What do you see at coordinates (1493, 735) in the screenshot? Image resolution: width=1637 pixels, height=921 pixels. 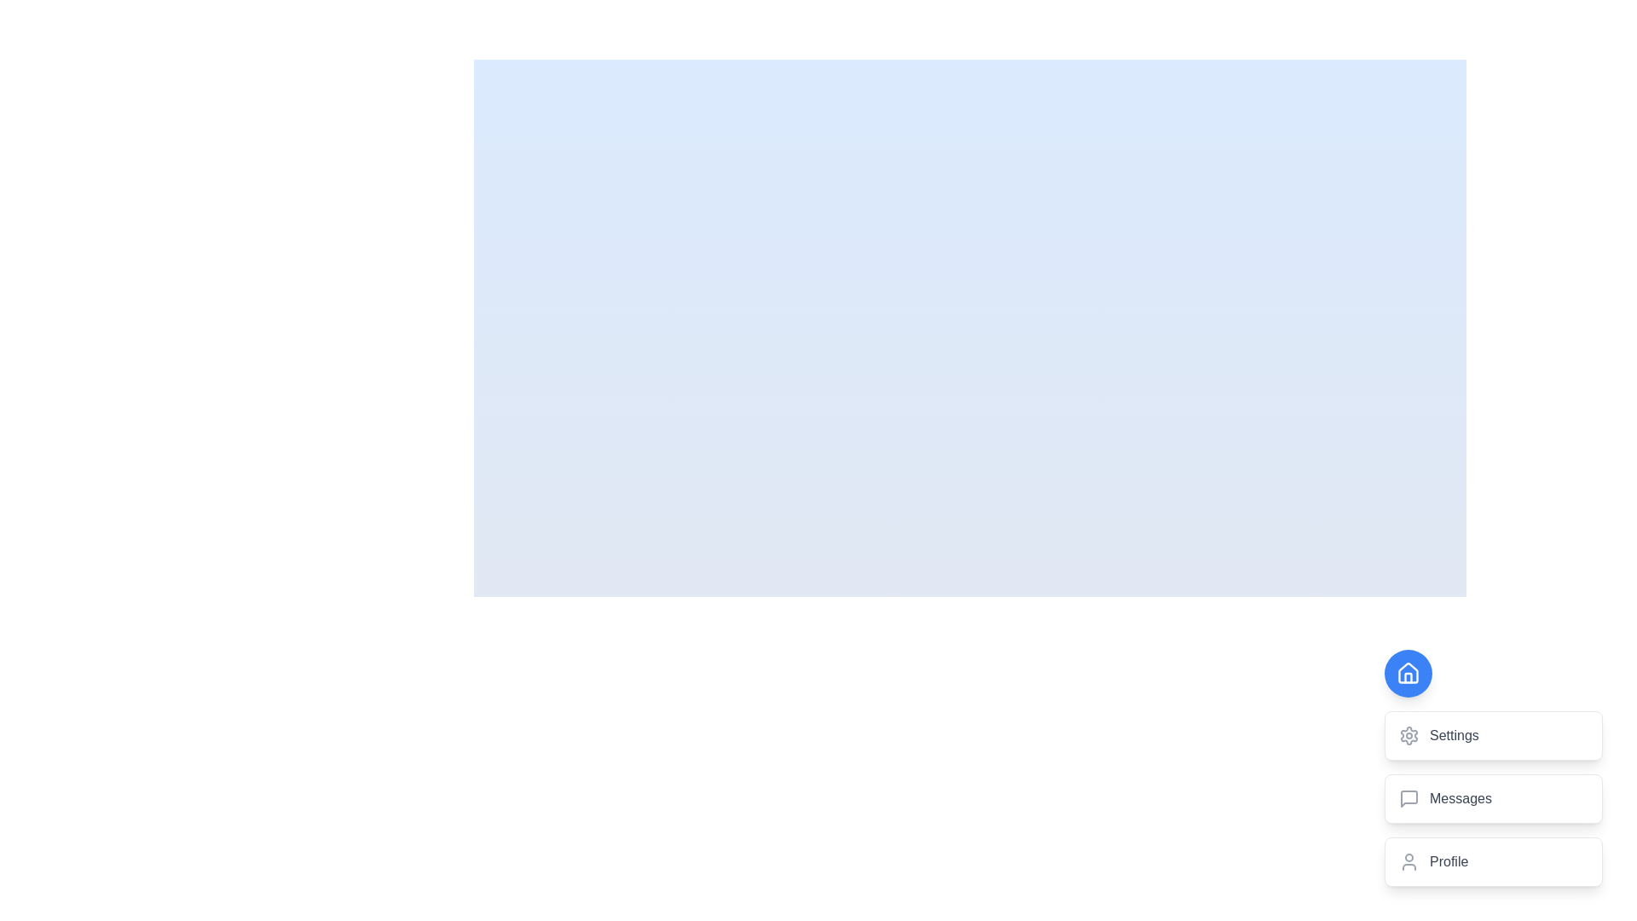 I see `the settings button located in the bottom-right portion of the interface, which is the first element in a vertical stack of settings-related options` at bounding box center [1493, 735].